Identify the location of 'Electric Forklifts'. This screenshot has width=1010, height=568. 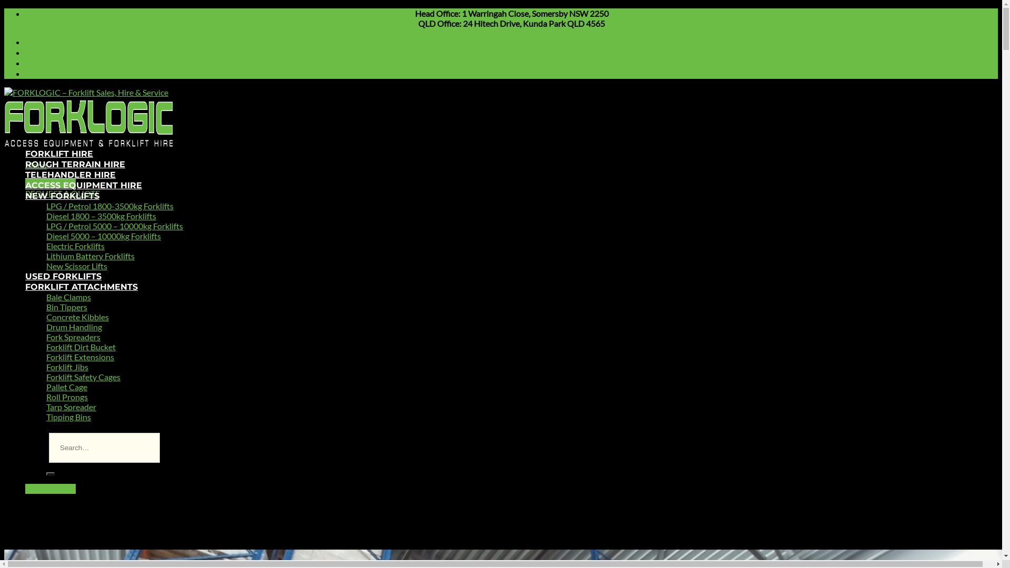
(75, 246).